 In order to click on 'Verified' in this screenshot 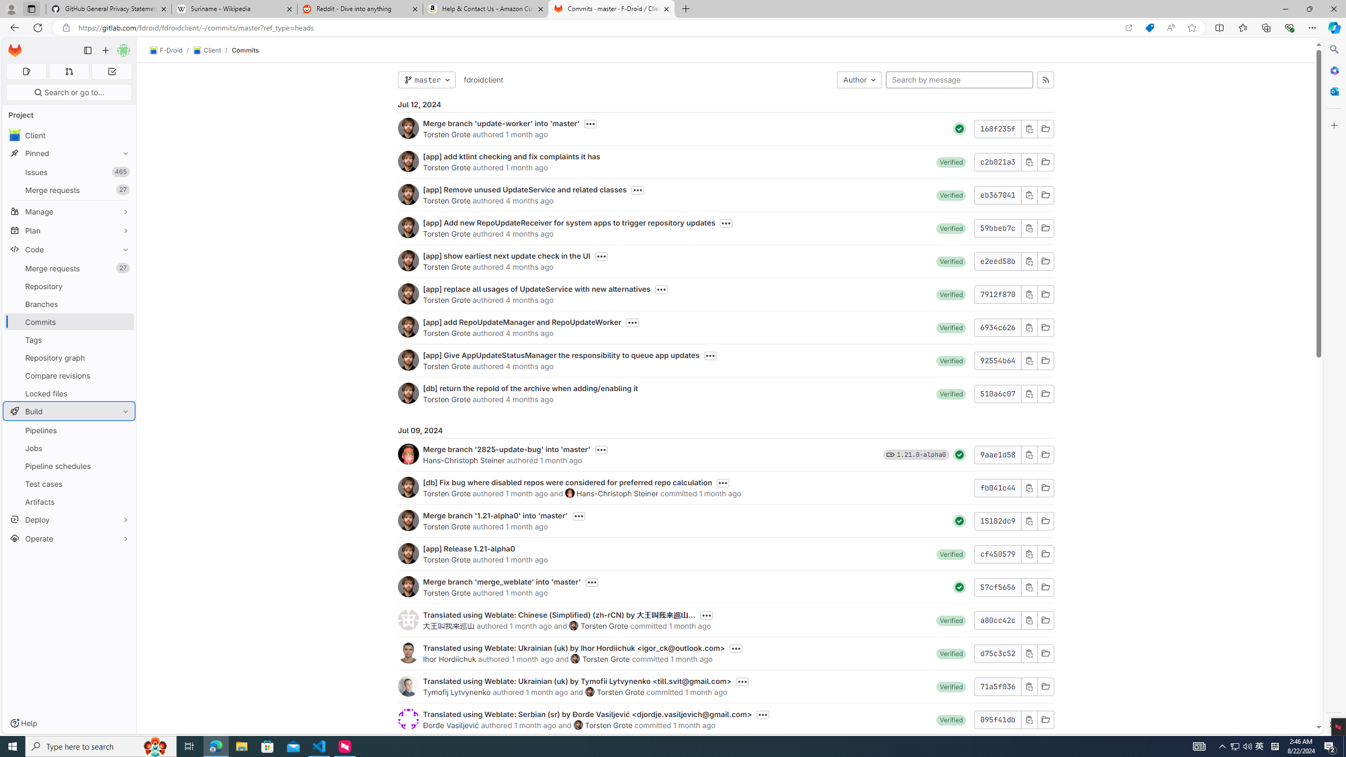, I will do `click(951, 719)`.